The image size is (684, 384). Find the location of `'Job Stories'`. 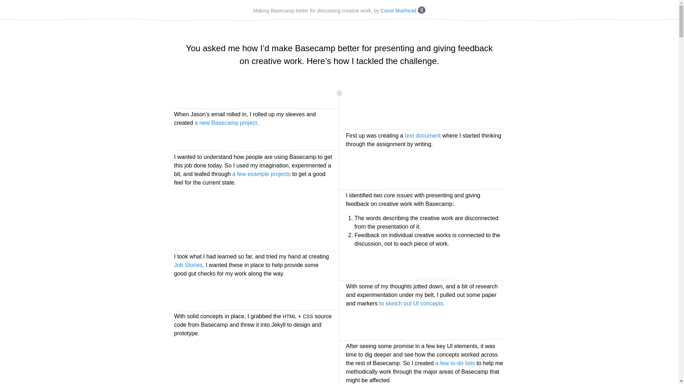

'Job Stories' is located at coordinates (174, 265).